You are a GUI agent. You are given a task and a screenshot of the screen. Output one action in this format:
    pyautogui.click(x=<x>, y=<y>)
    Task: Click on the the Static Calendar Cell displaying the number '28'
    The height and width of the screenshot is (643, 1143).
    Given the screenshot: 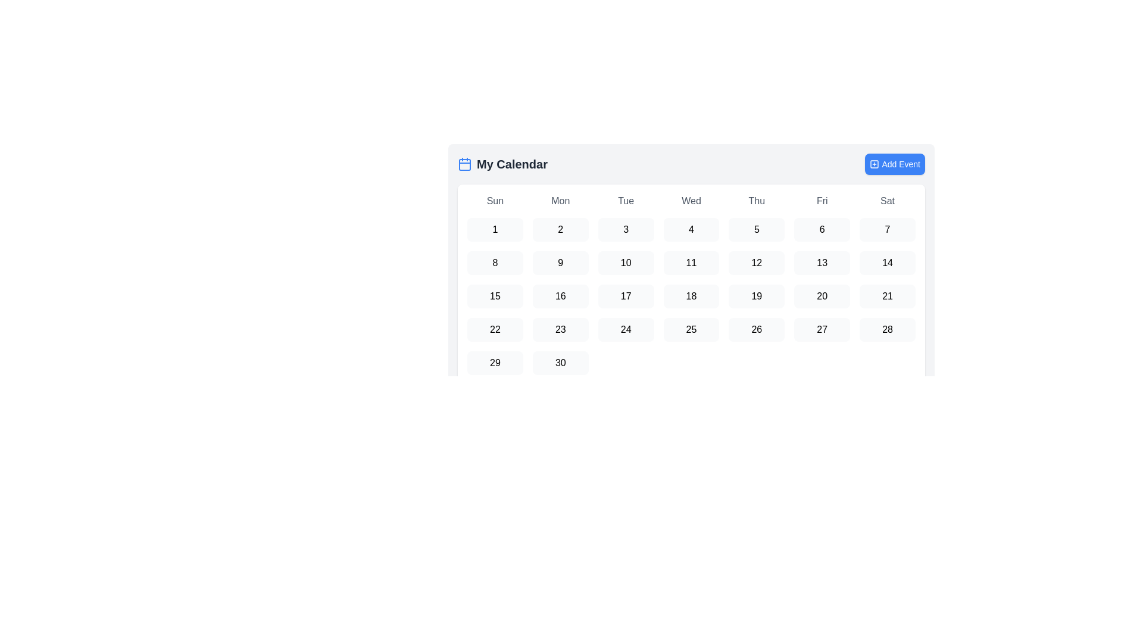 What is the action you would take?
    pyautogui.click(x=888, y=330)
    